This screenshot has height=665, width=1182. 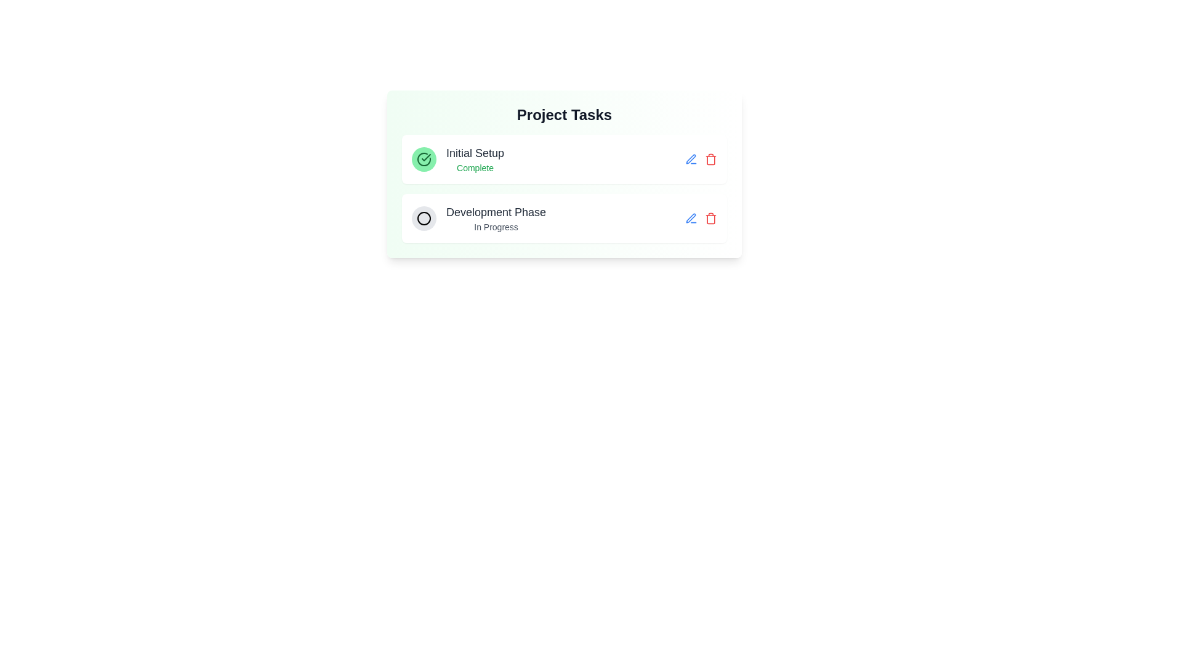 I want to click on the red trash bin icon located at the far right of the task 'Initial Setup - Complete', so click(x=701, y=158).